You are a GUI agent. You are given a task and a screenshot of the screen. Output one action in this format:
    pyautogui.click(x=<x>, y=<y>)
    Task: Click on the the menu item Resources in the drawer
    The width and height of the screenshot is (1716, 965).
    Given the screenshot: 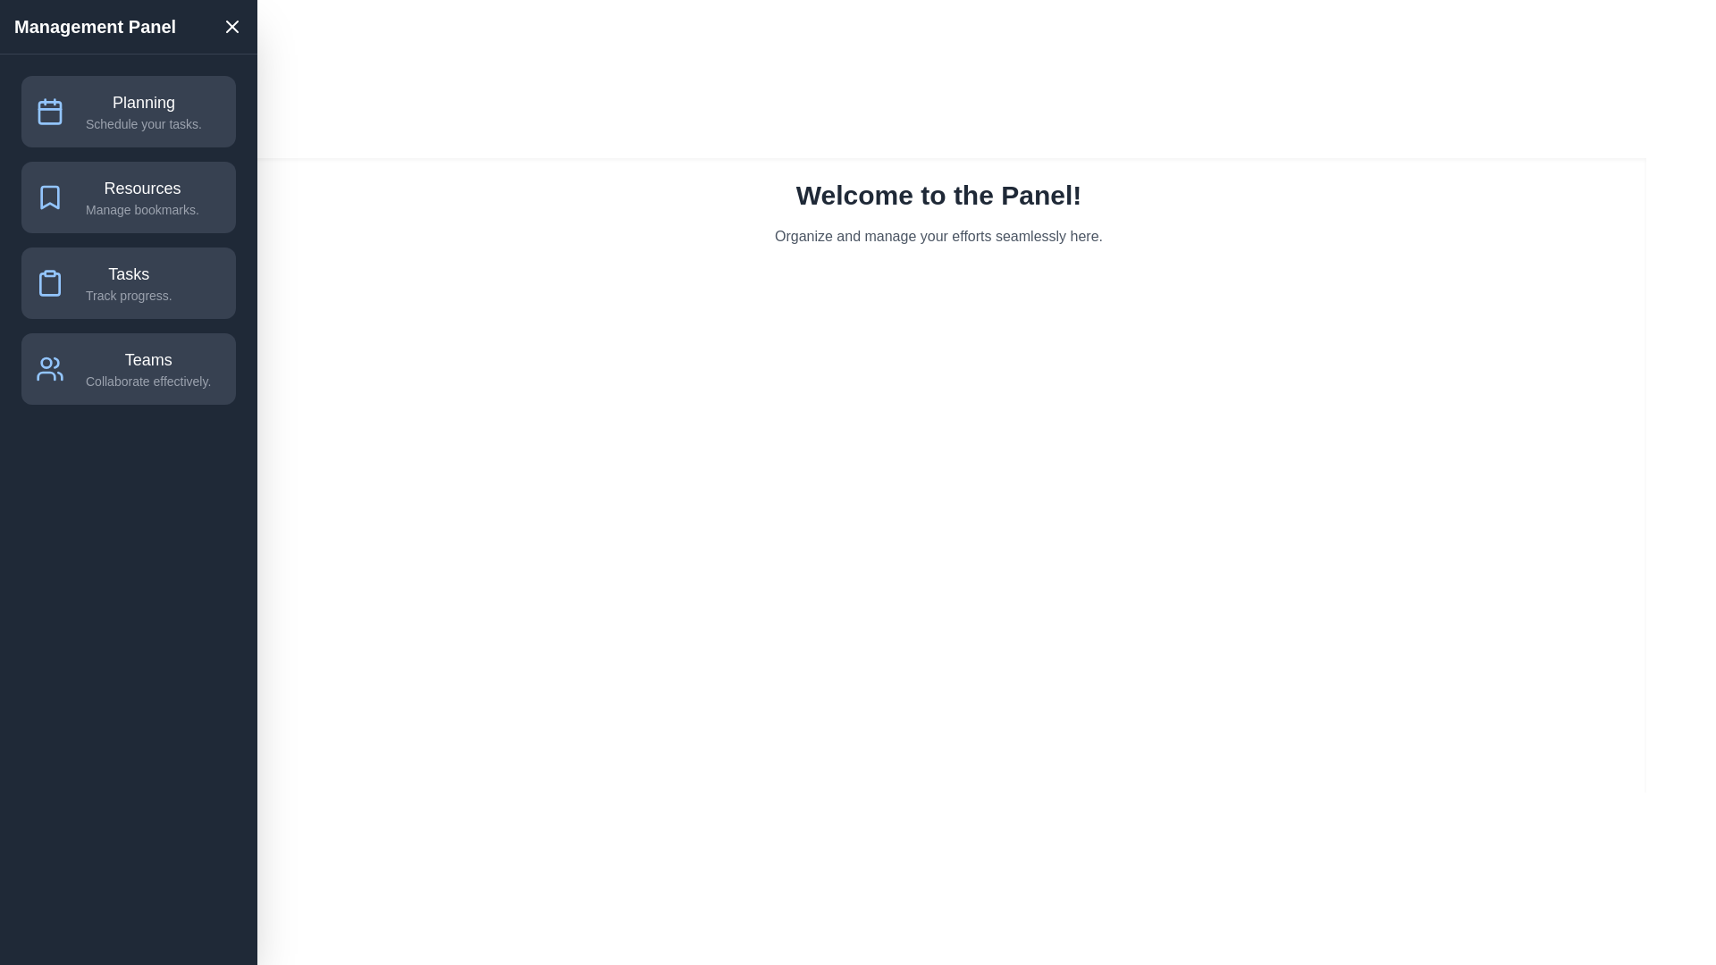 What is the action you would take?
    pyautogui.click(x=128, y=197)
    